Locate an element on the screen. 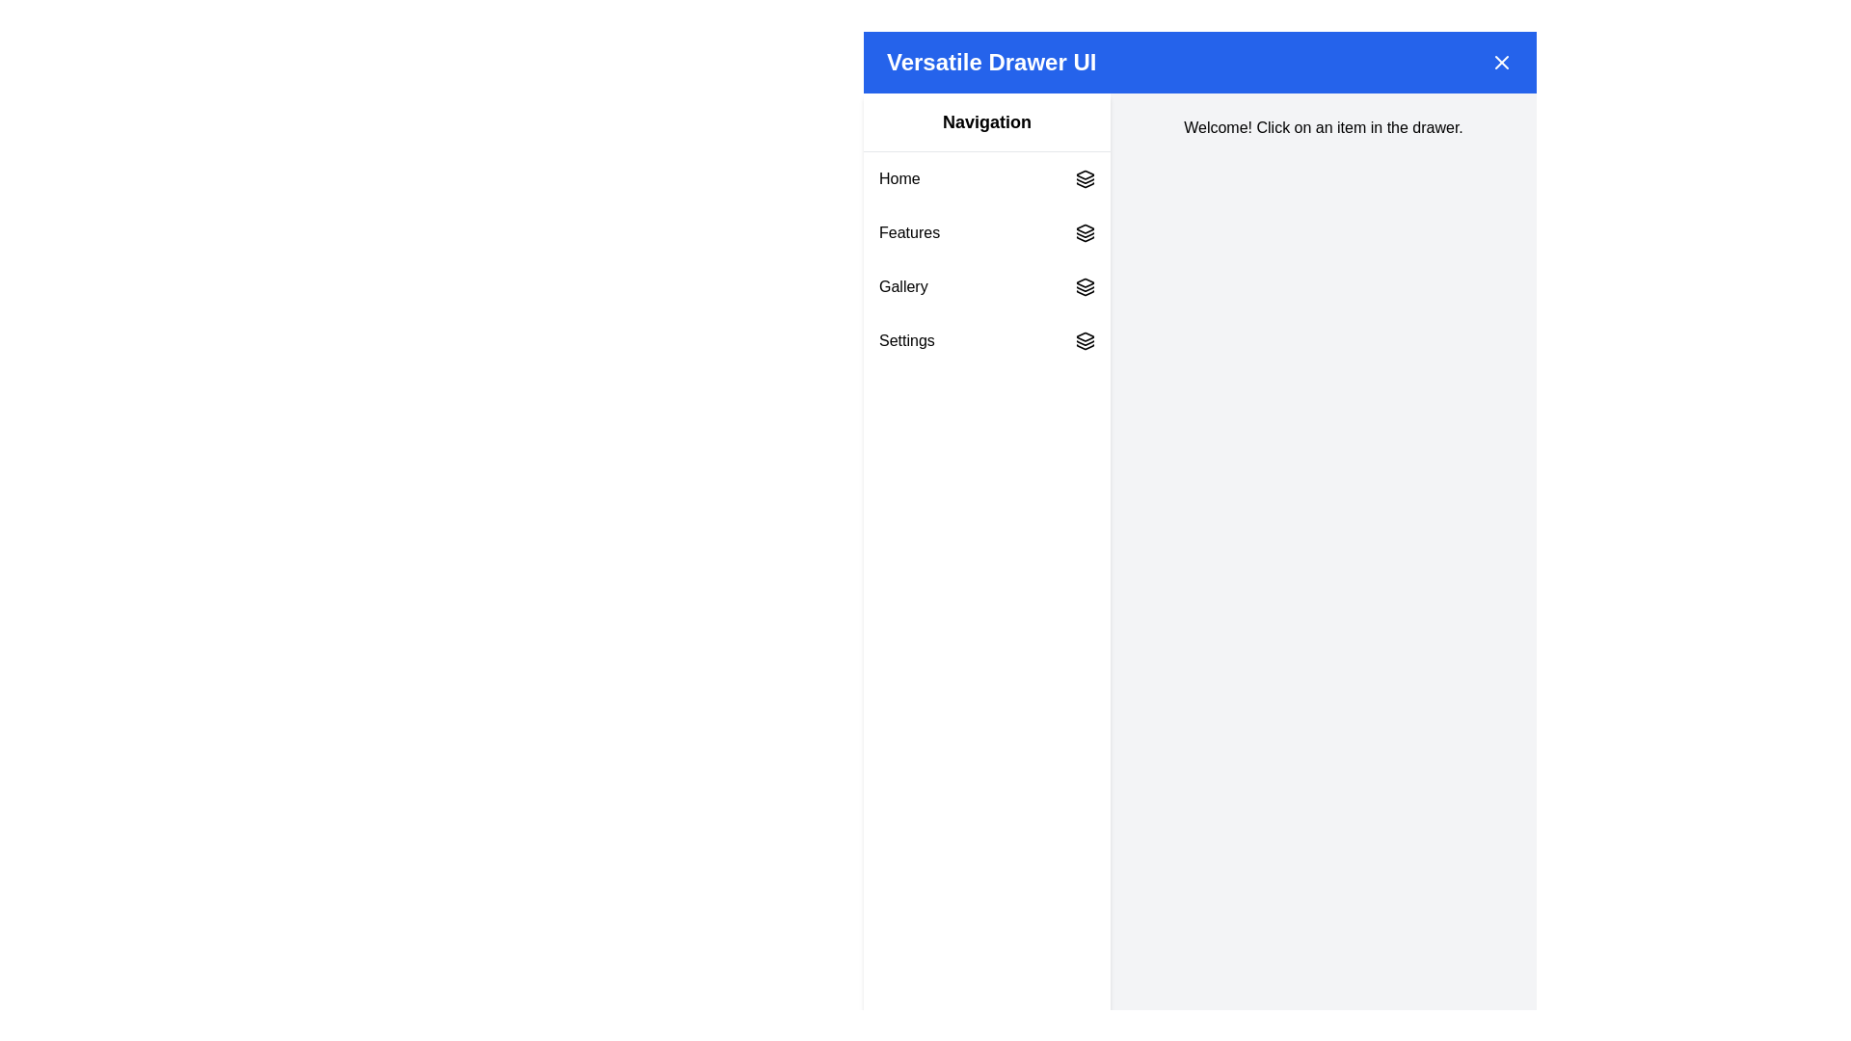 The height and width of the screenshot is (1041, 1851). the greeting message text label that instructs the user to interact with items in the drawer menu, located at the top of the main content area is located at coordinates (1322, 127).